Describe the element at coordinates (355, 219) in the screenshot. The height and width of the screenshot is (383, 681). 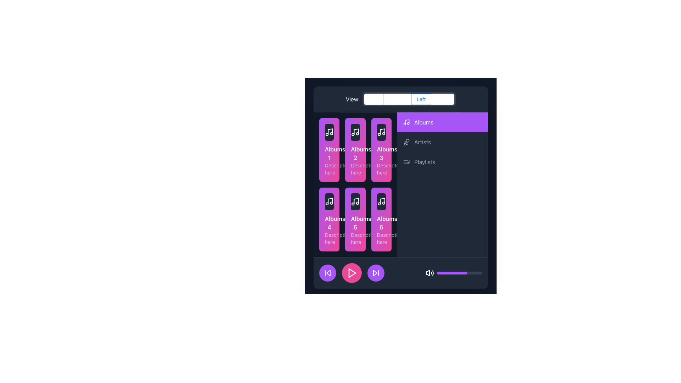
I see `the fifth album tile card in the music library interface, located in the second row and center column of the grid` at that location.